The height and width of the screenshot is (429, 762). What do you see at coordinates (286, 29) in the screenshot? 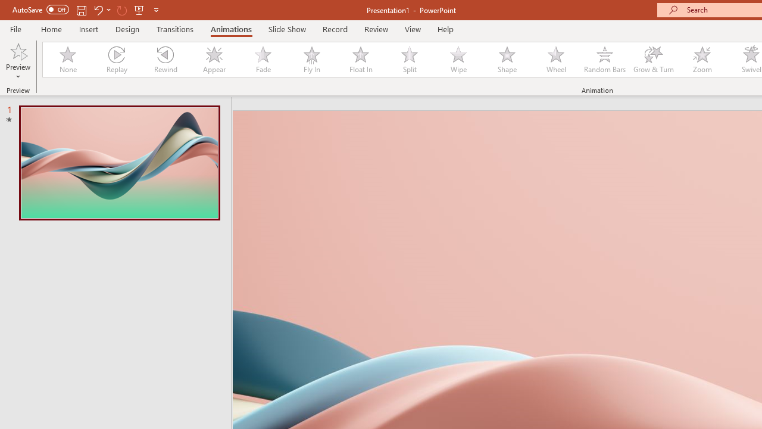
I see `'Slide Show'` at bounding box center [286, 29].